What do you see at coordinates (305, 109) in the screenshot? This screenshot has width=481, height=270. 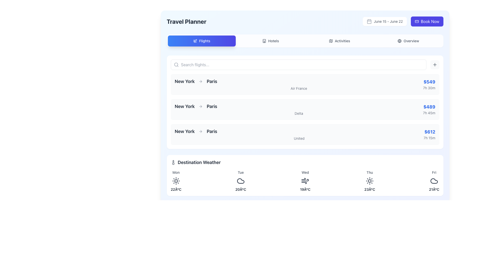 I see `the second card-like layout in the vertical list of flight options` at bounding box center [305, 109].